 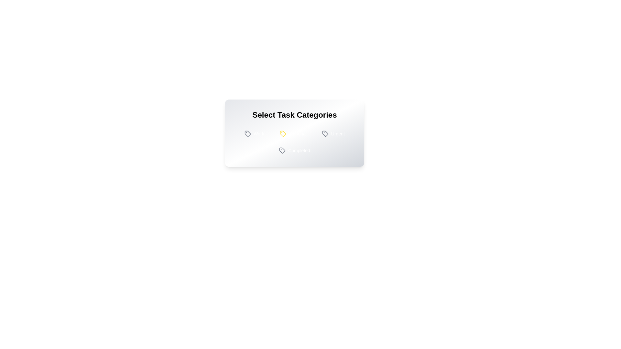 What do you see at coordinates (333, 133) in the screenshot?
I see `the category chip labeled Urgent` at bounding box center [333, 133].